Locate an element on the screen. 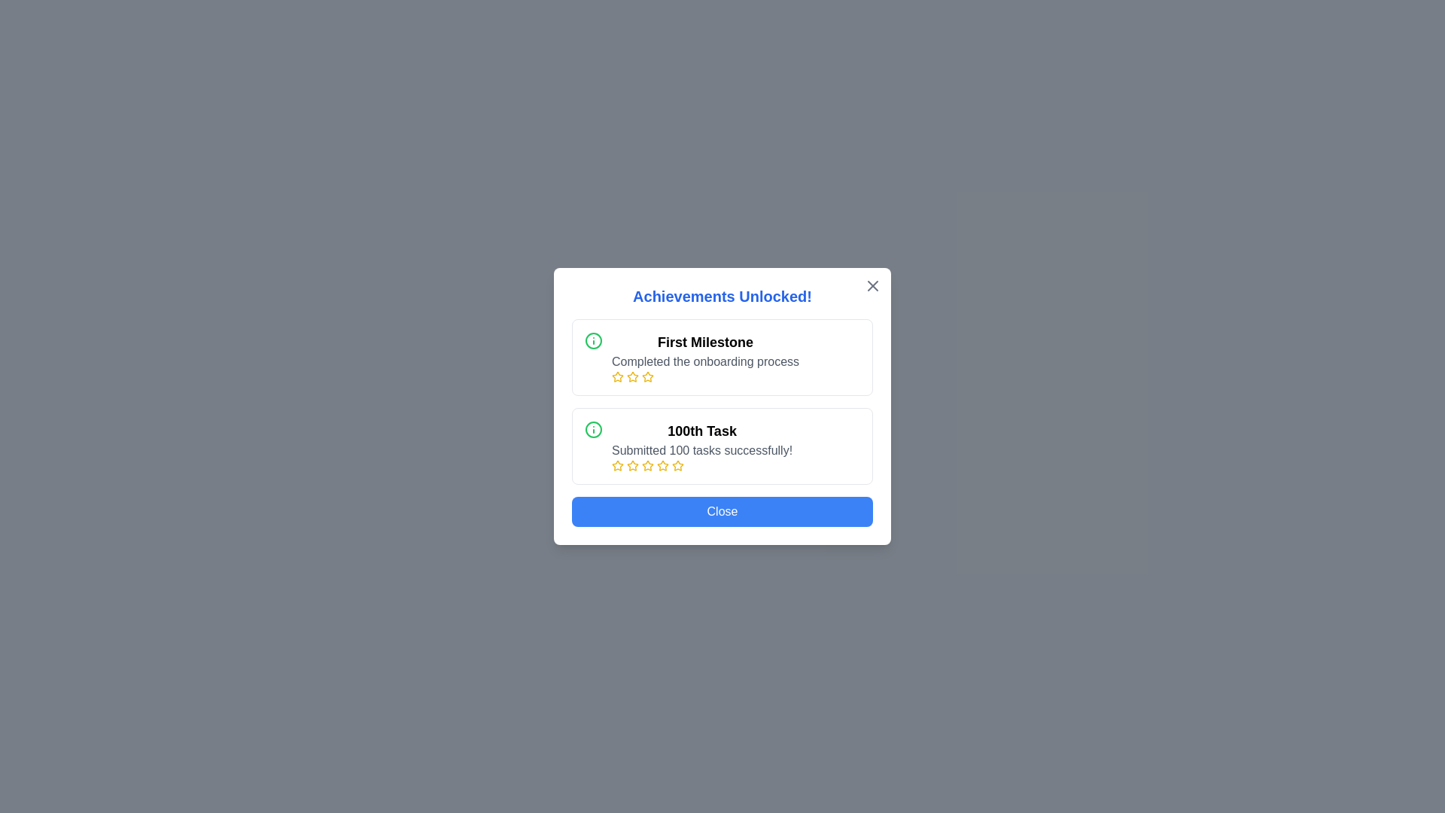 This screenshot has width=1445, height=813. the Close button, which is a small 'X' icon located at the top-right corner of the dialog box is located at coordinates (873, 286).